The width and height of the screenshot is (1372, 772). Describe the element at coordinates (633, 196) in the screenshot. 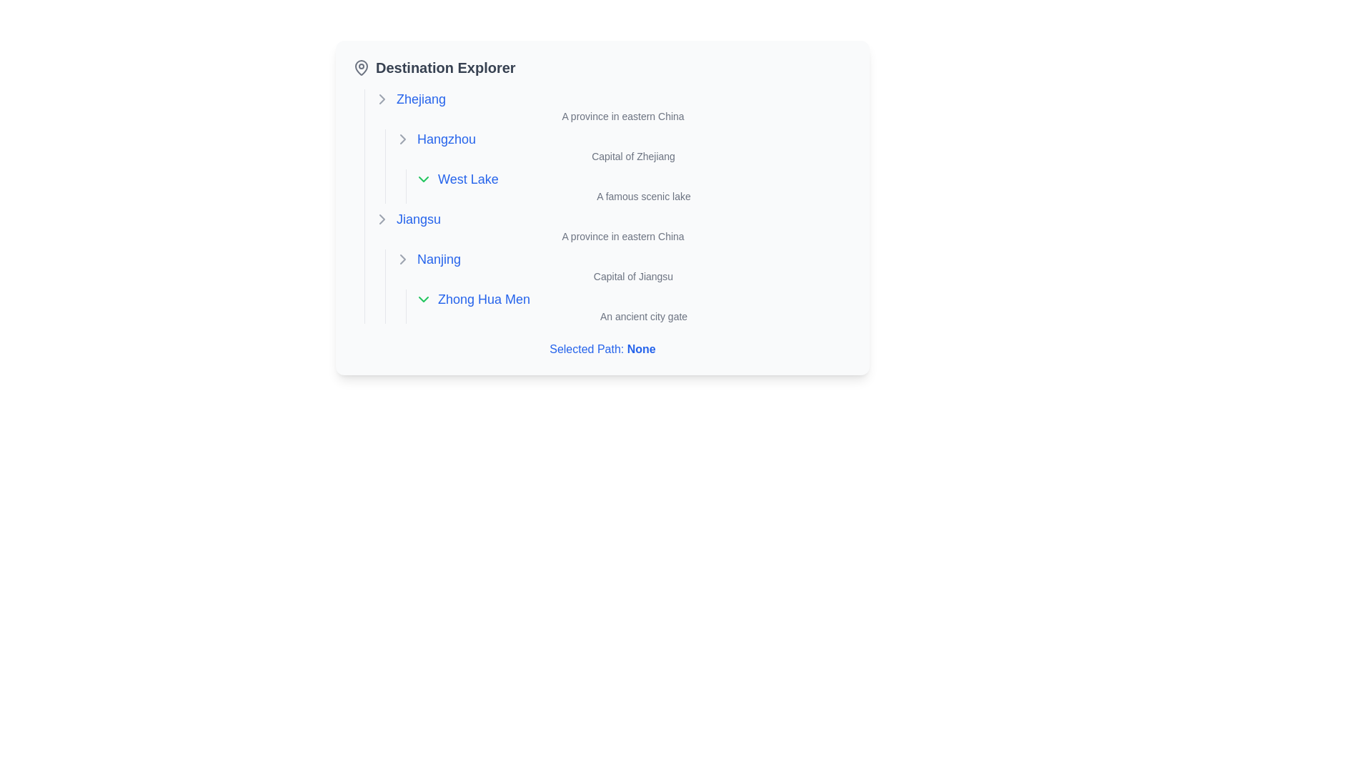

I see `the static text label providing descriptive information about 'West Lake', located under the 'West Lake' menu item` at that location.